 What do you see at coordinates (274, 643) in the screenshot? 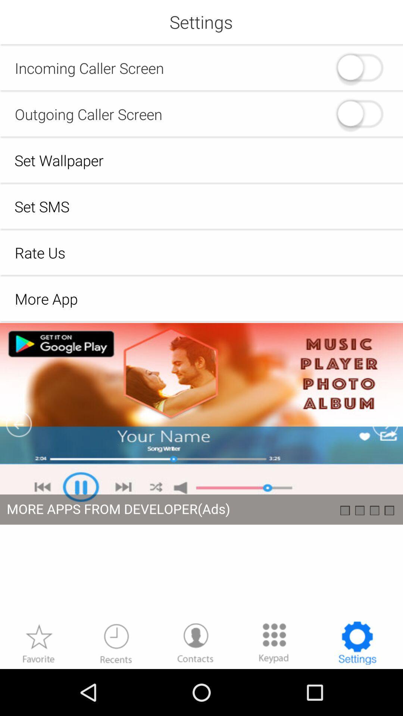
I see `more options` at bounding box center [274, 643].